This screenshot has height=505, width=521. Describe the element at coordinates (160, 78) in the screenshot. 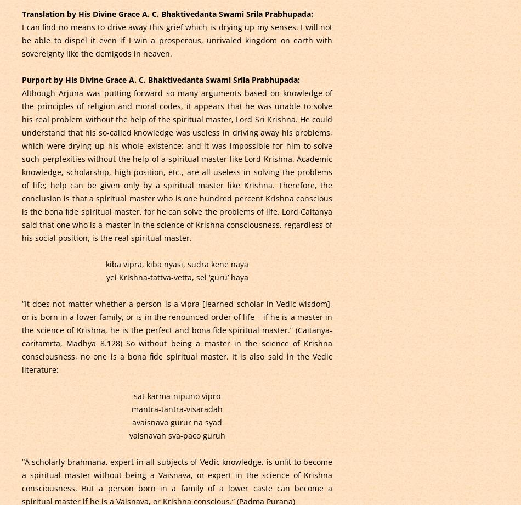

I see `'Purport by His Divine Grace A. C. Bhaktivedanta Swami Srila Prabhupada:'` at that location.